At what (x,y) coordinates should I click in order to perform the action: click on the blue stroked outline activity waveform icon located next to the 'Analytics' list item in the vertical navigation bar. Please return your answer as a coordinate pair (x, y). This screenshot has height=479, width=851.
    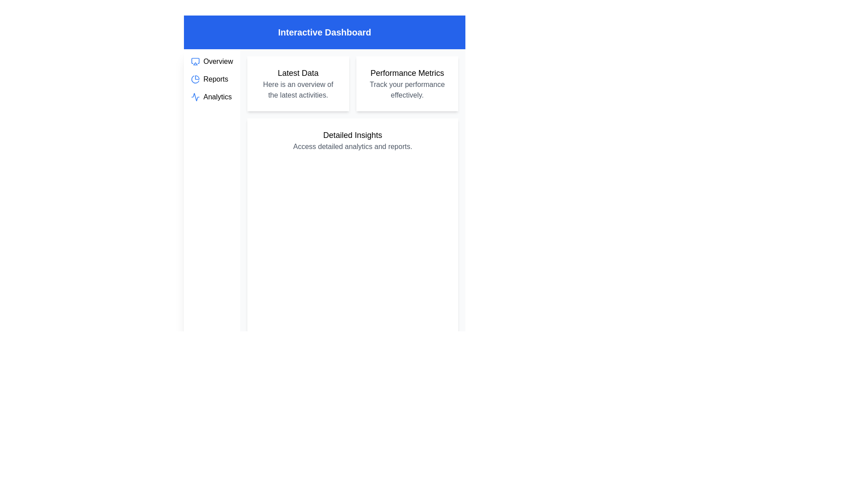
    Looking at the image, I should click on (195, 97).